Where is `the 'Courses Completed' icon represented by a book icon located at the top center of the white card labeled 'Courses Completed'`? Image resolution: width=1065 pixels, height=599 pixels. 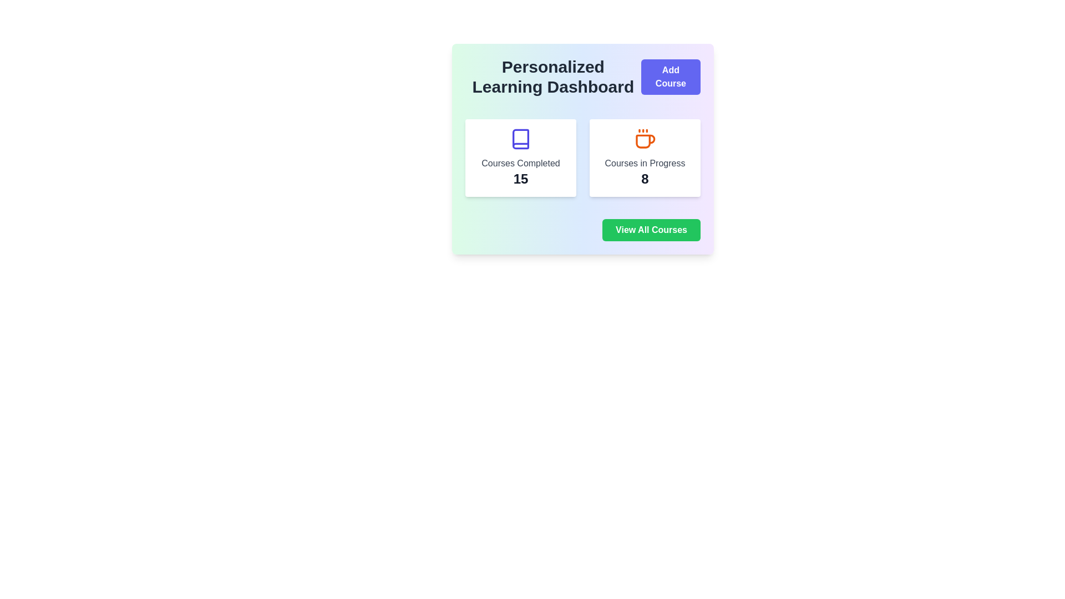 the 'Courses Completed' icon represented by a book icon located at the top center of the white card labeled 'Courses Completed' is located at coordinates (520, 138).